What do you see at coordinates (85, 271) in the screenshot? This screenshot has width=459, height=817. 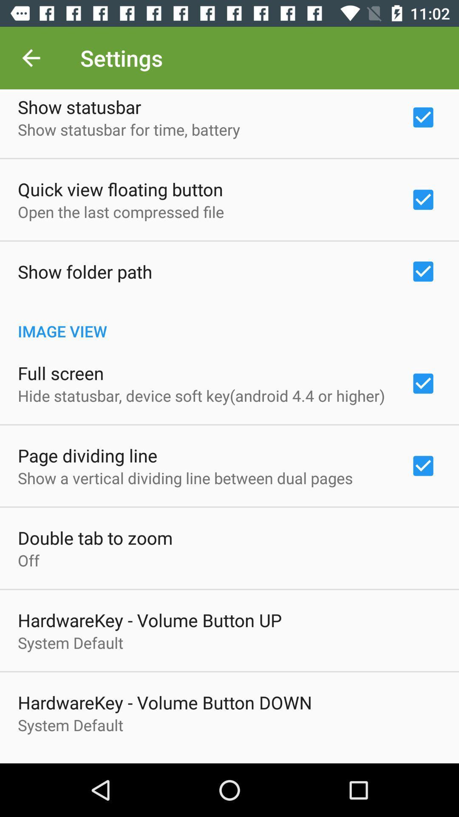 I see `the icon below open the last item` at bounding box center [85, 271].